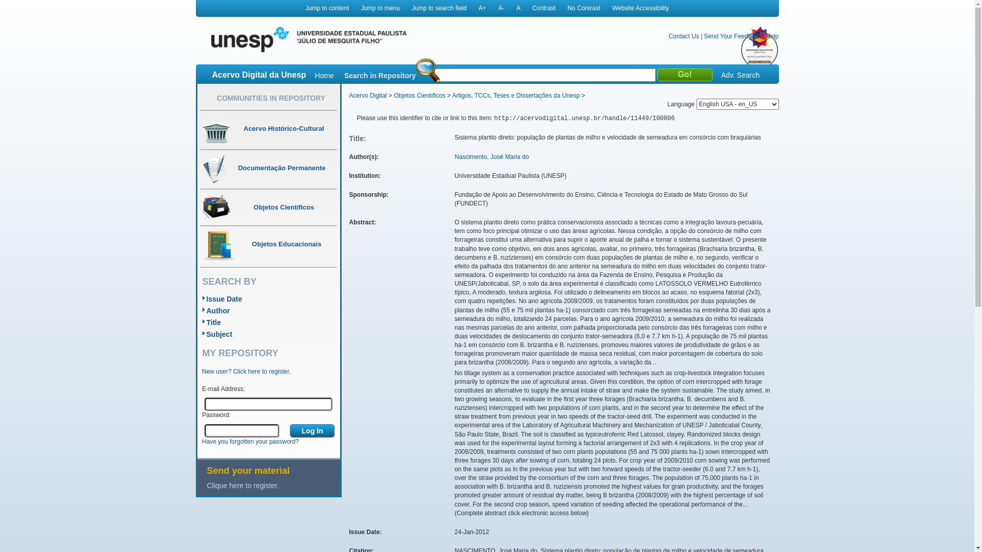  I want to click on 'Log In', so click(311, 431).